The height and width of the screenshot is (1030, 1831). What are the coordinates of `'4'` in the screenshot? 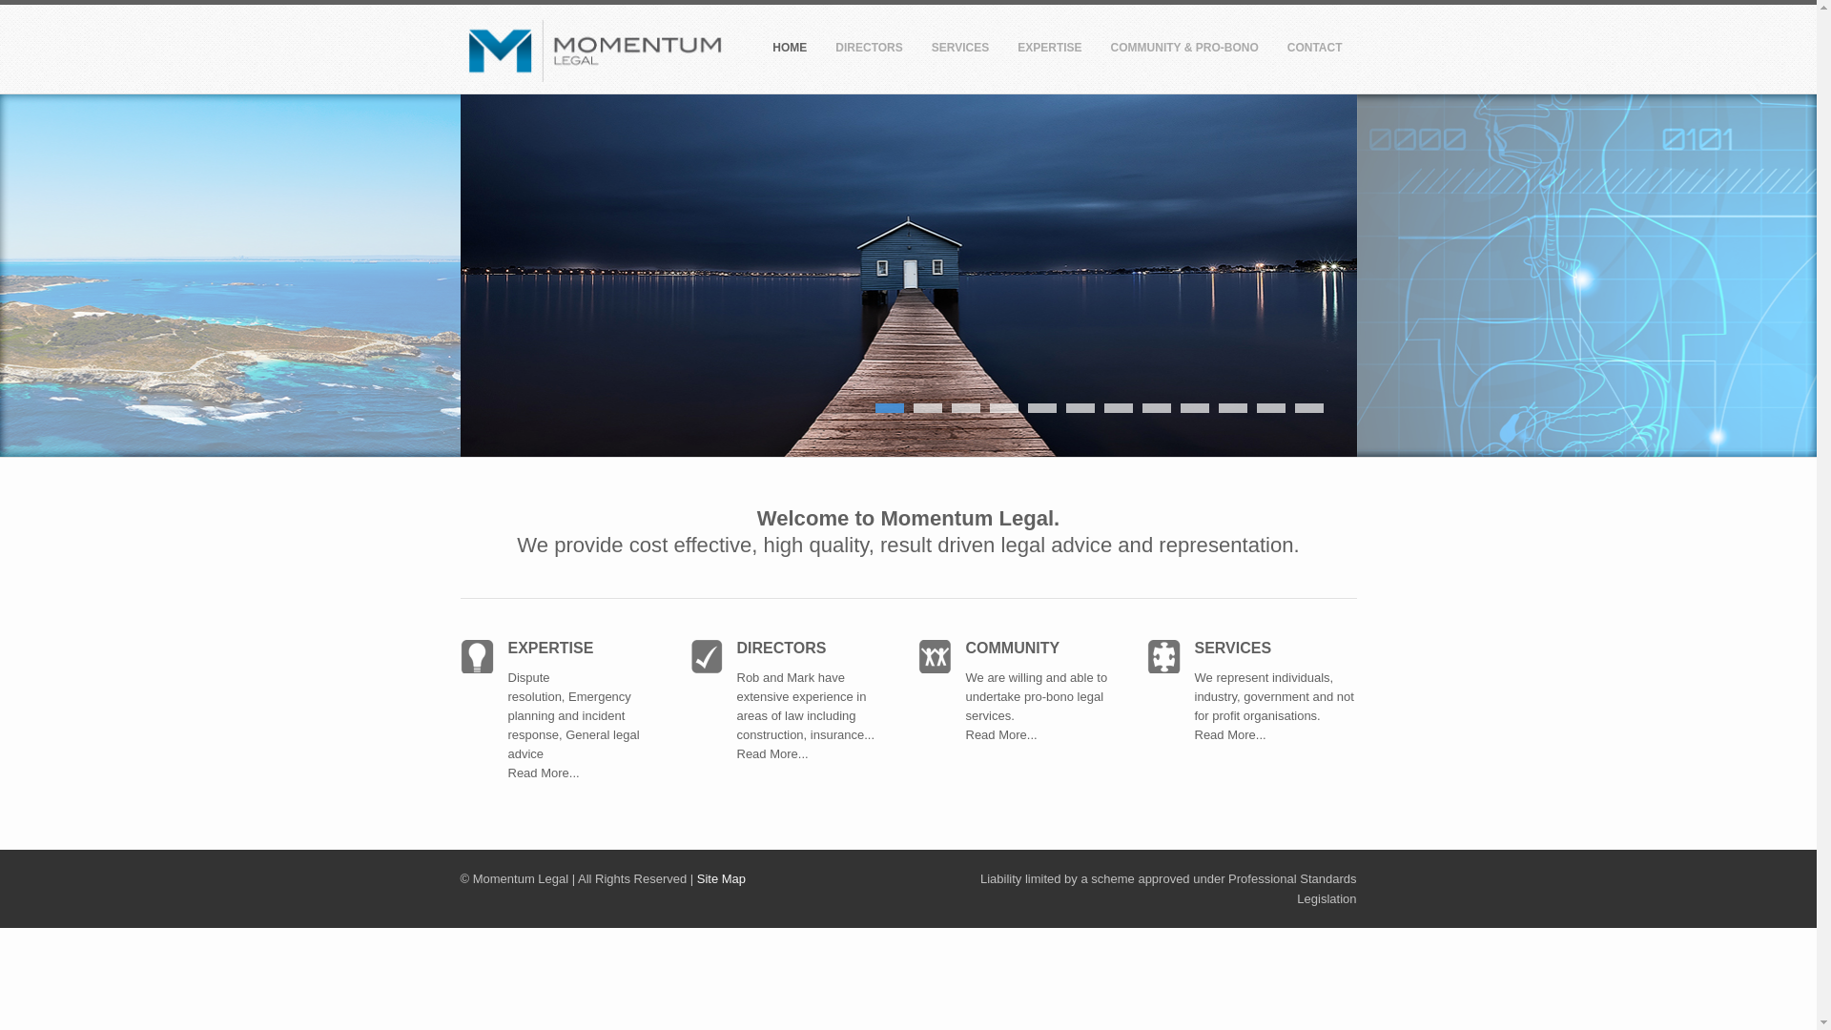 It's located at (989, 407).